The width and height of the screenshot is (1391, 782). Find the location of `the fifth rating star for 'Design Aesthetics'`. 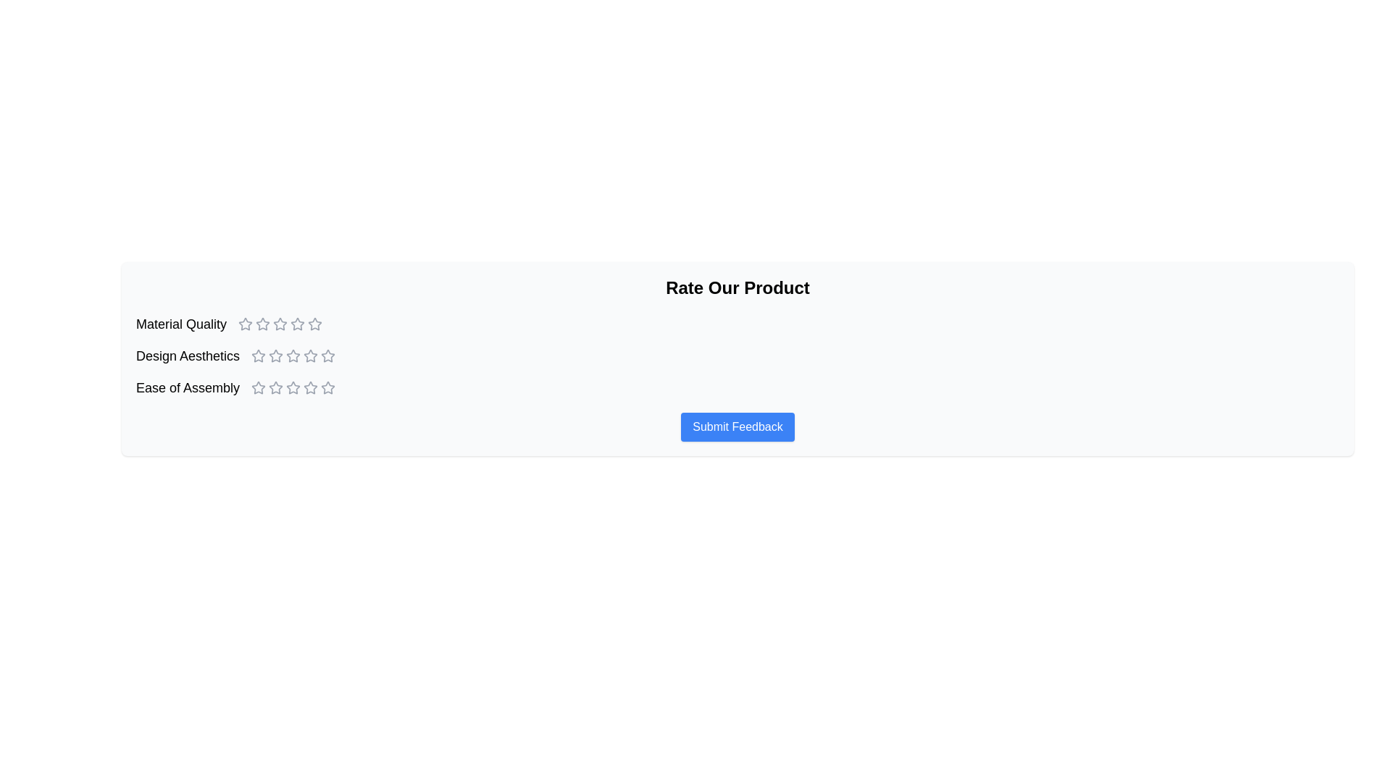

the fifth rating star for 'Design Aesthetics' is located at coordinates (310, 356).